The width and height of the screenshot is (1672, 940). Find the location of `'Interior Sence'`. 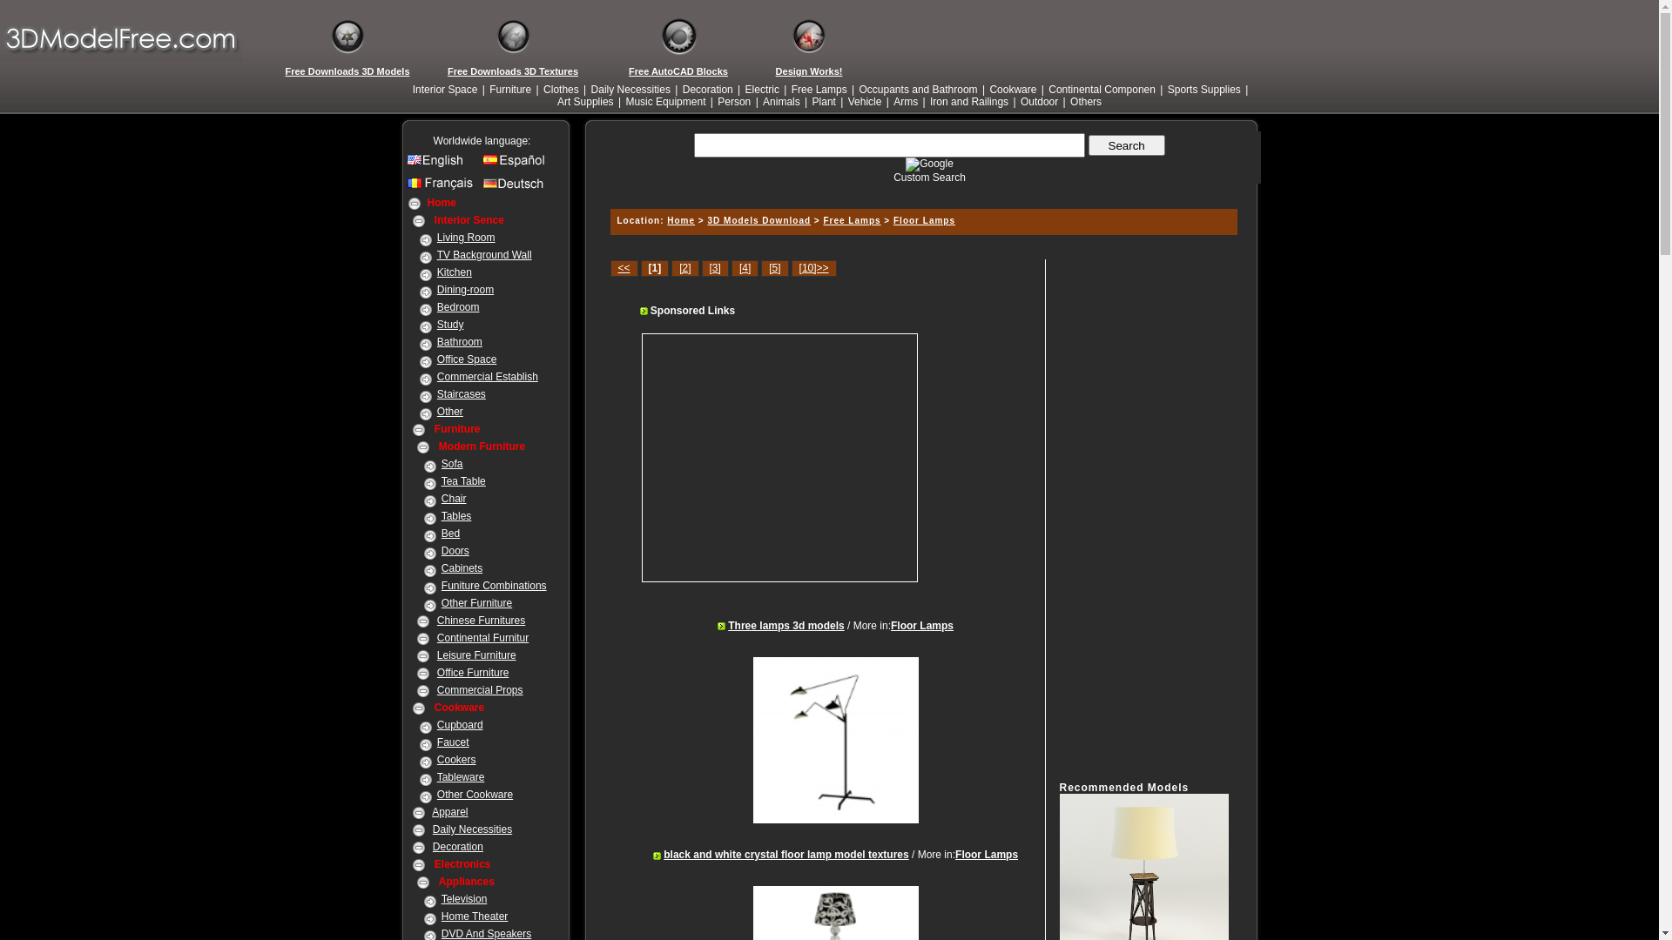

'Interior Sence' is located at coordinates (469, 219).